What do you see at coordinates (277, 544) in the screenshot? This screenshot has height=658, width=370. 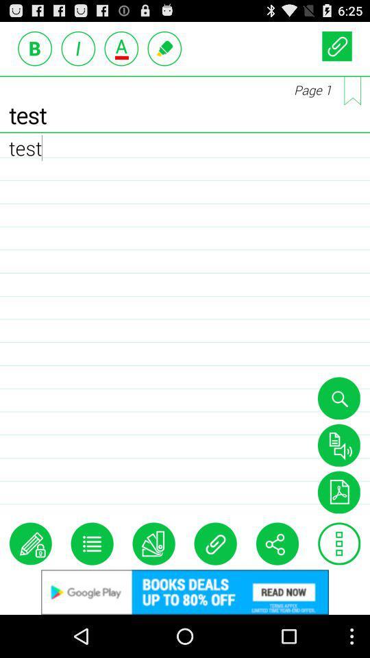 I see `share the content through other social media platforms` at bounding box center [277, 544].